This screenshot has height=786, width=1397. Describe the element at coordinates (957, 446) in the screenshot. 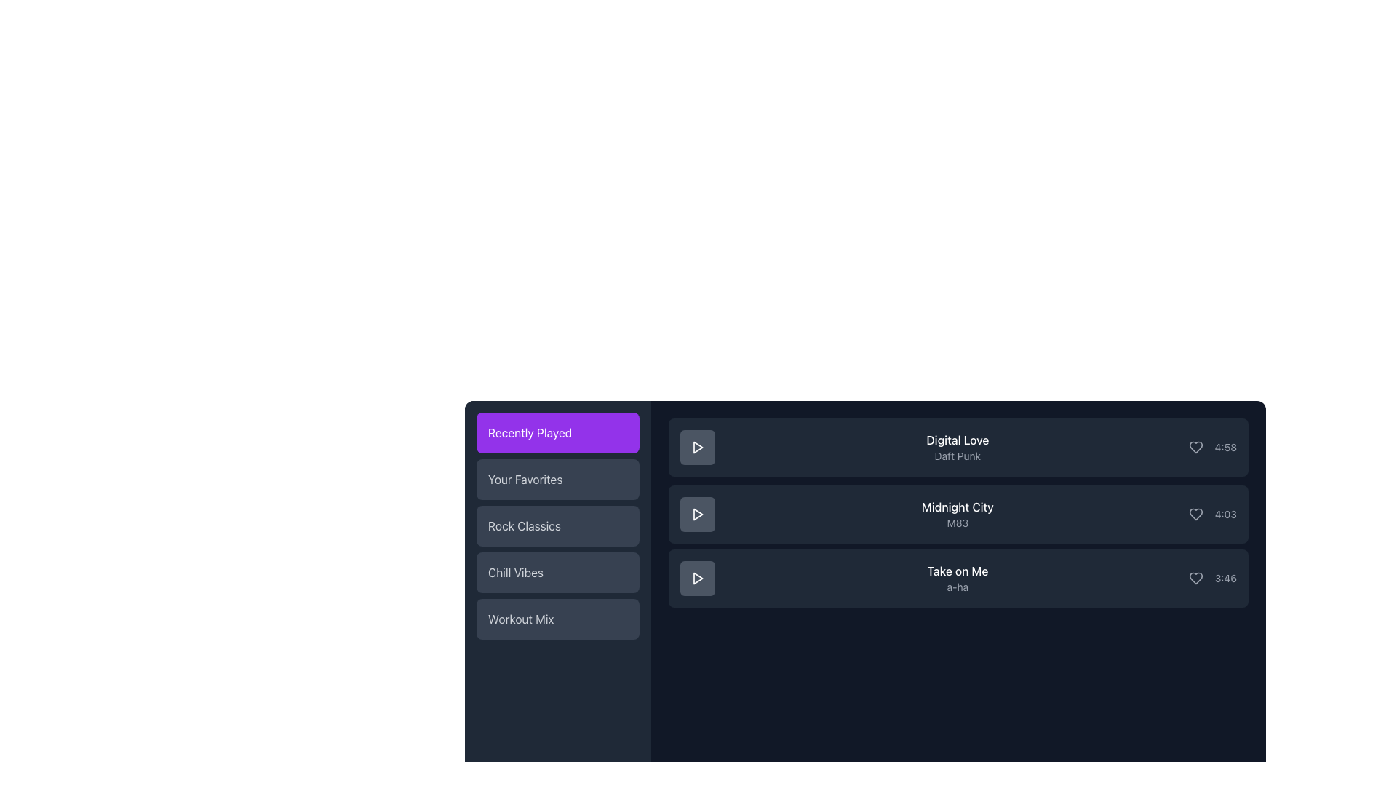

I see `the Text Display element that shows the song title 'Digital Love' by 'Daft Punk', which is the first song in the list, located between the play button and the duration text '4:58'` at that location.